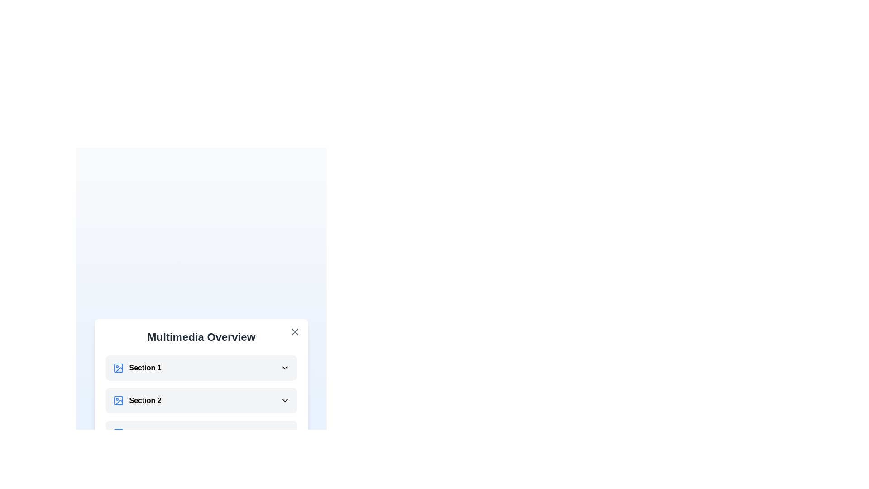  What do you see at coordinates (201, 368) in the screenshot?
I see `the first List item with an expandable section that provides navigational access to 'Section 1'` at bounding box center [201, 368].